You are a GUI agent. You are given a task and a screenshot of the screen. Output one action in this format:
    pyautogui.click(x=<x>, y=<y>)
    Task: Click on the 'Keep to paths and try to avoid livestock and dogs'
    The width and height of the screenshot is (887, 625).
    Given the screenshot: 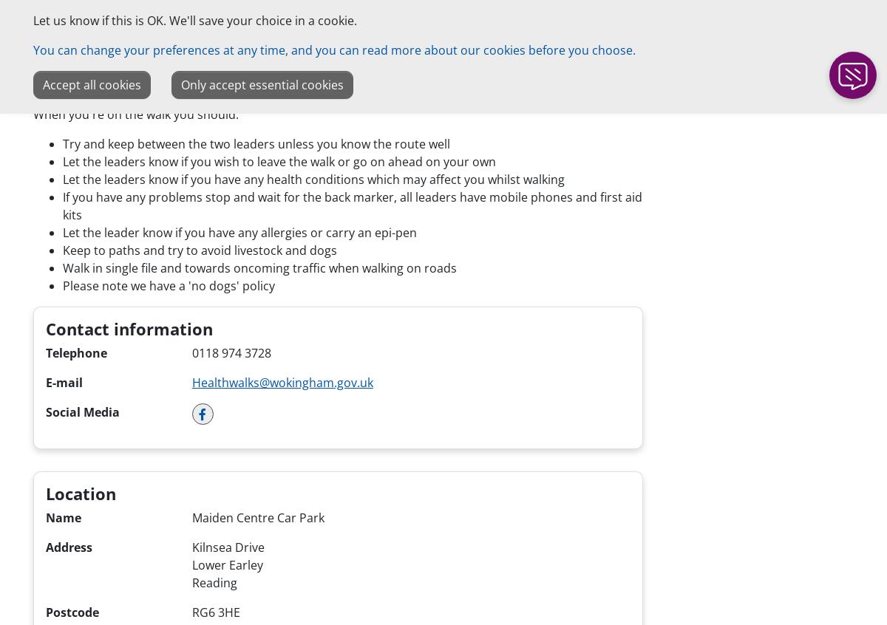 What is the action you would take?
    pyautogui.click(x=199, y=248)
    